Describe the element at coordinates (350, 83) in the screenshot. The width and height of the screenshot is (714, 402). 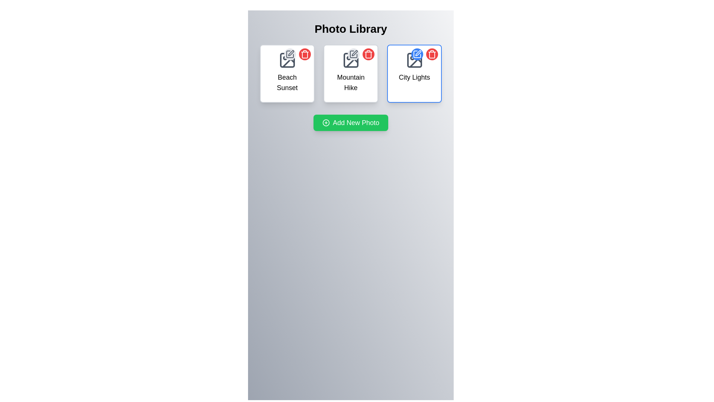
I see `the text label displaying 'Mountain Hike', which is located within the second card from the left, centered below an image icon and above other buttons` at that location.